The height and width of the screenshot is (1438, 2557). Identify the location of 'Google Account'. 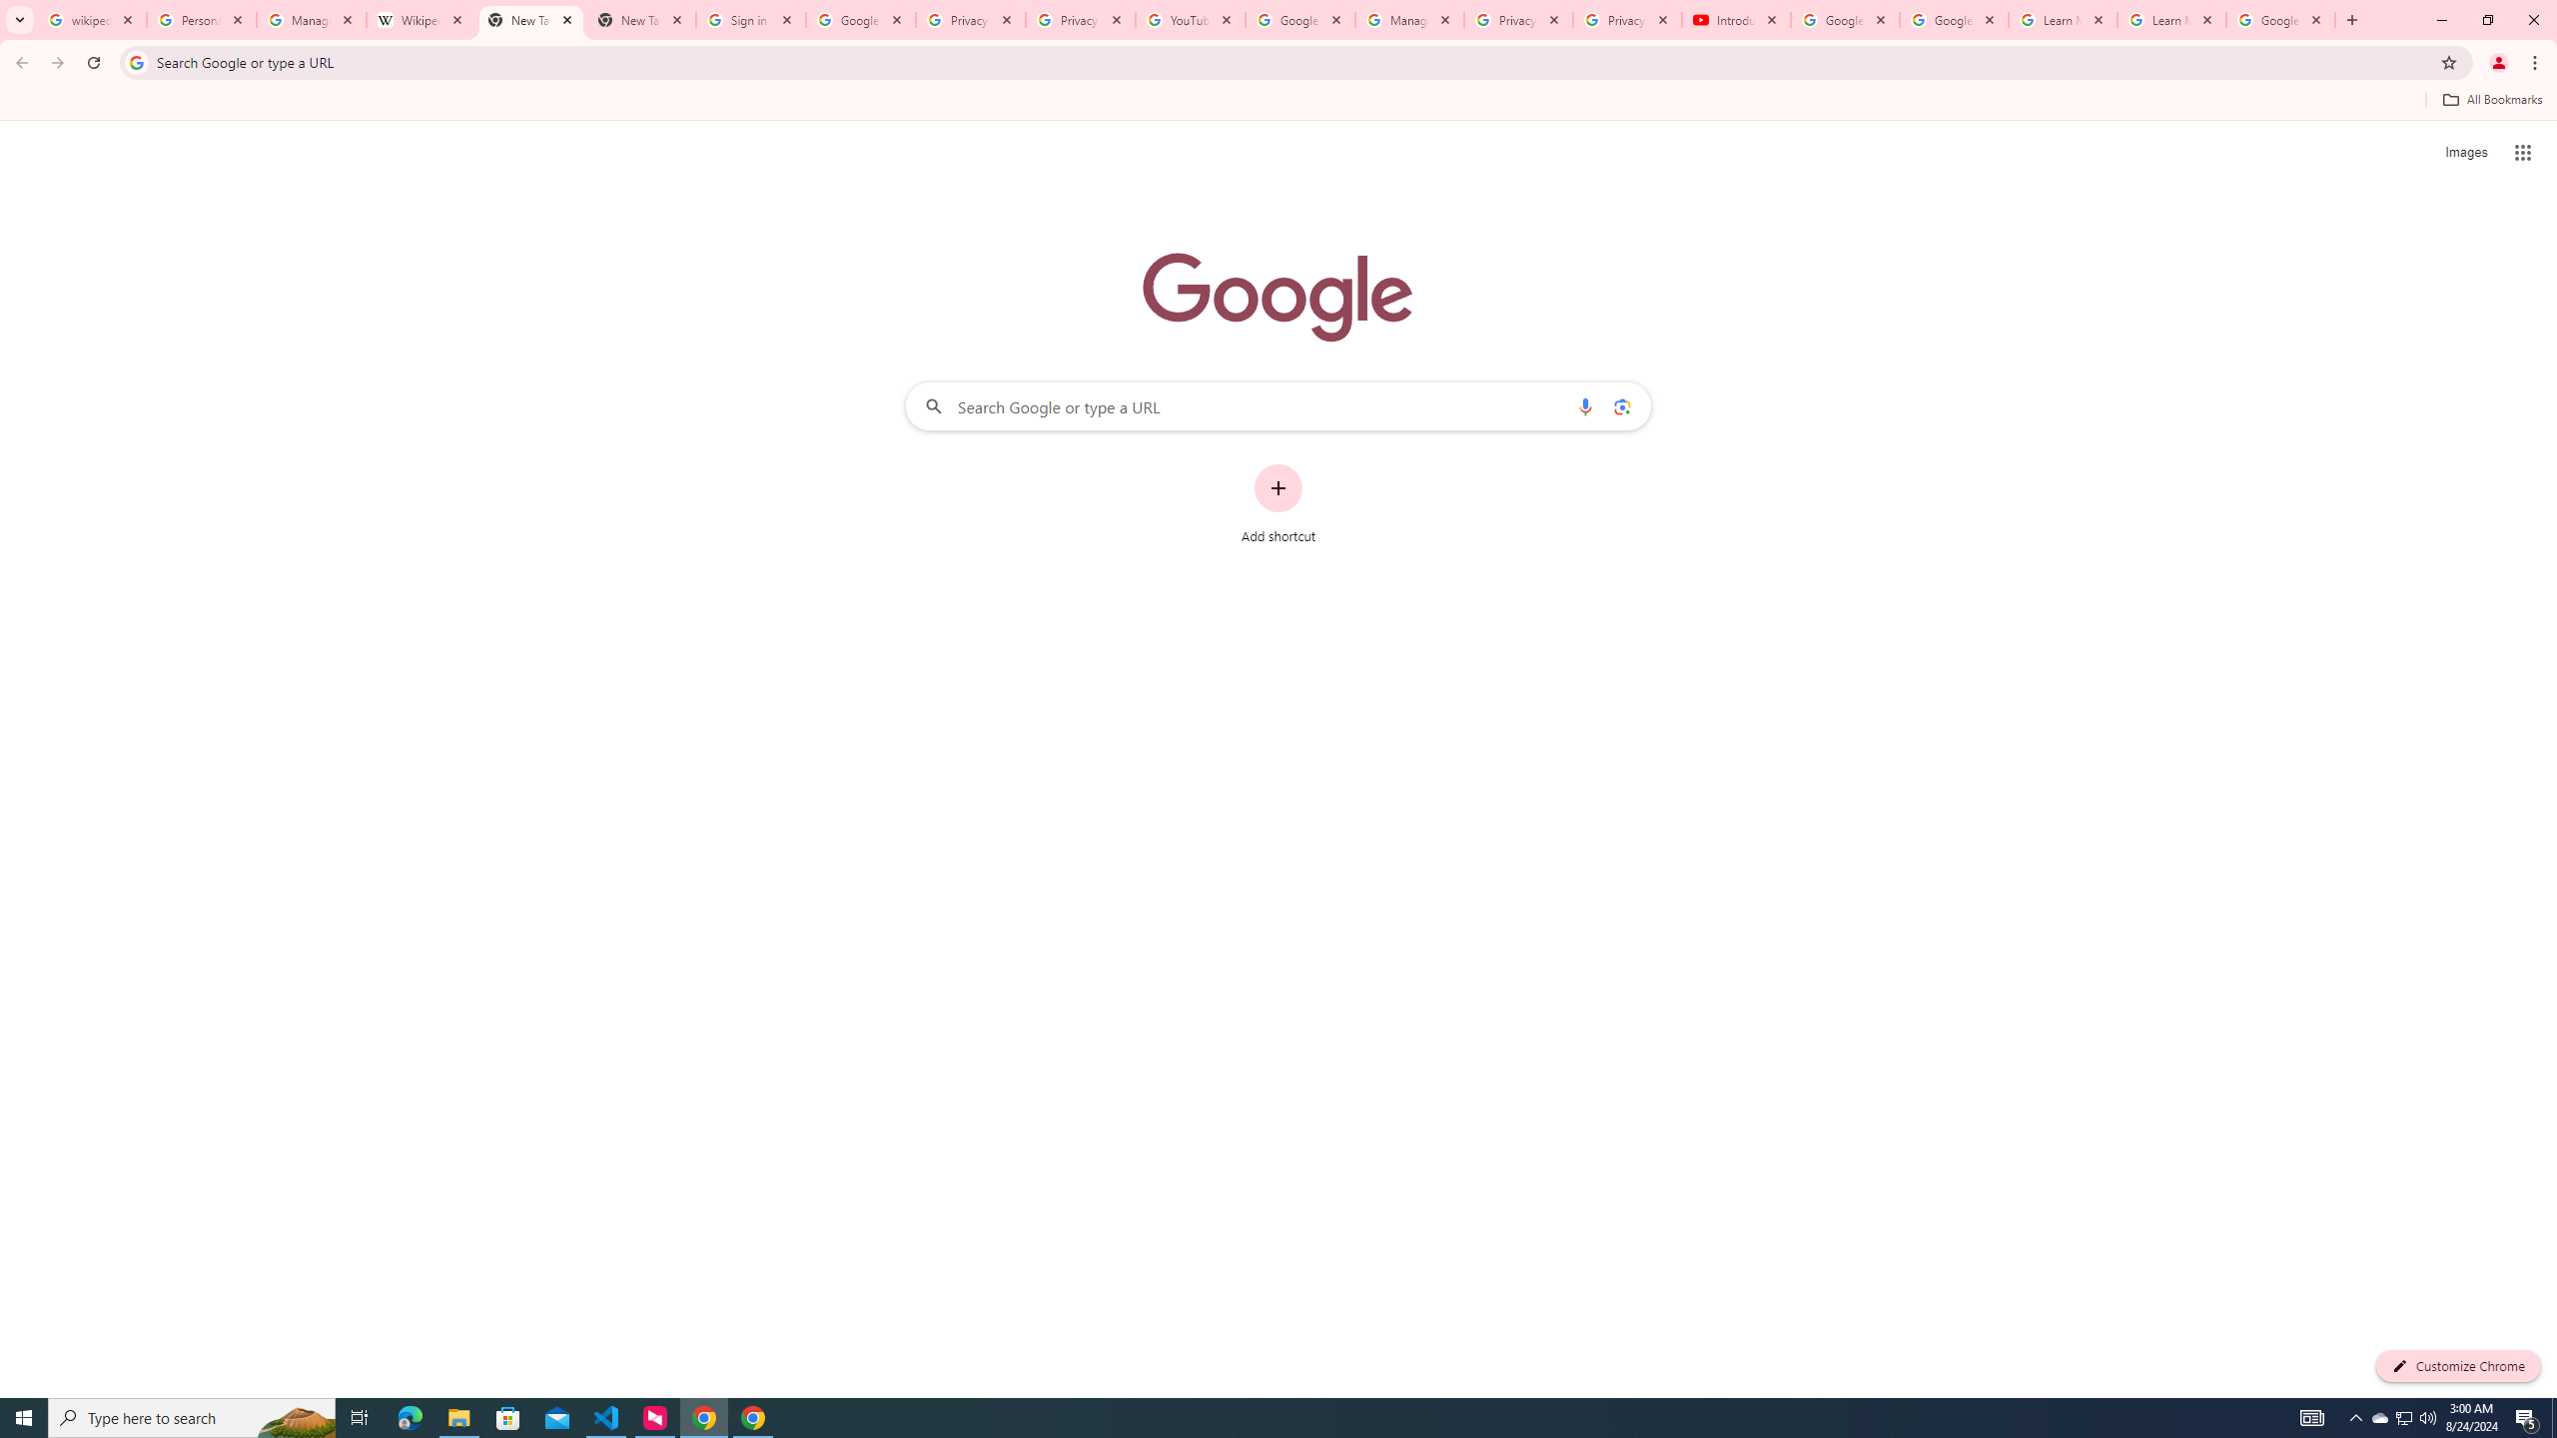
(2279, 19).